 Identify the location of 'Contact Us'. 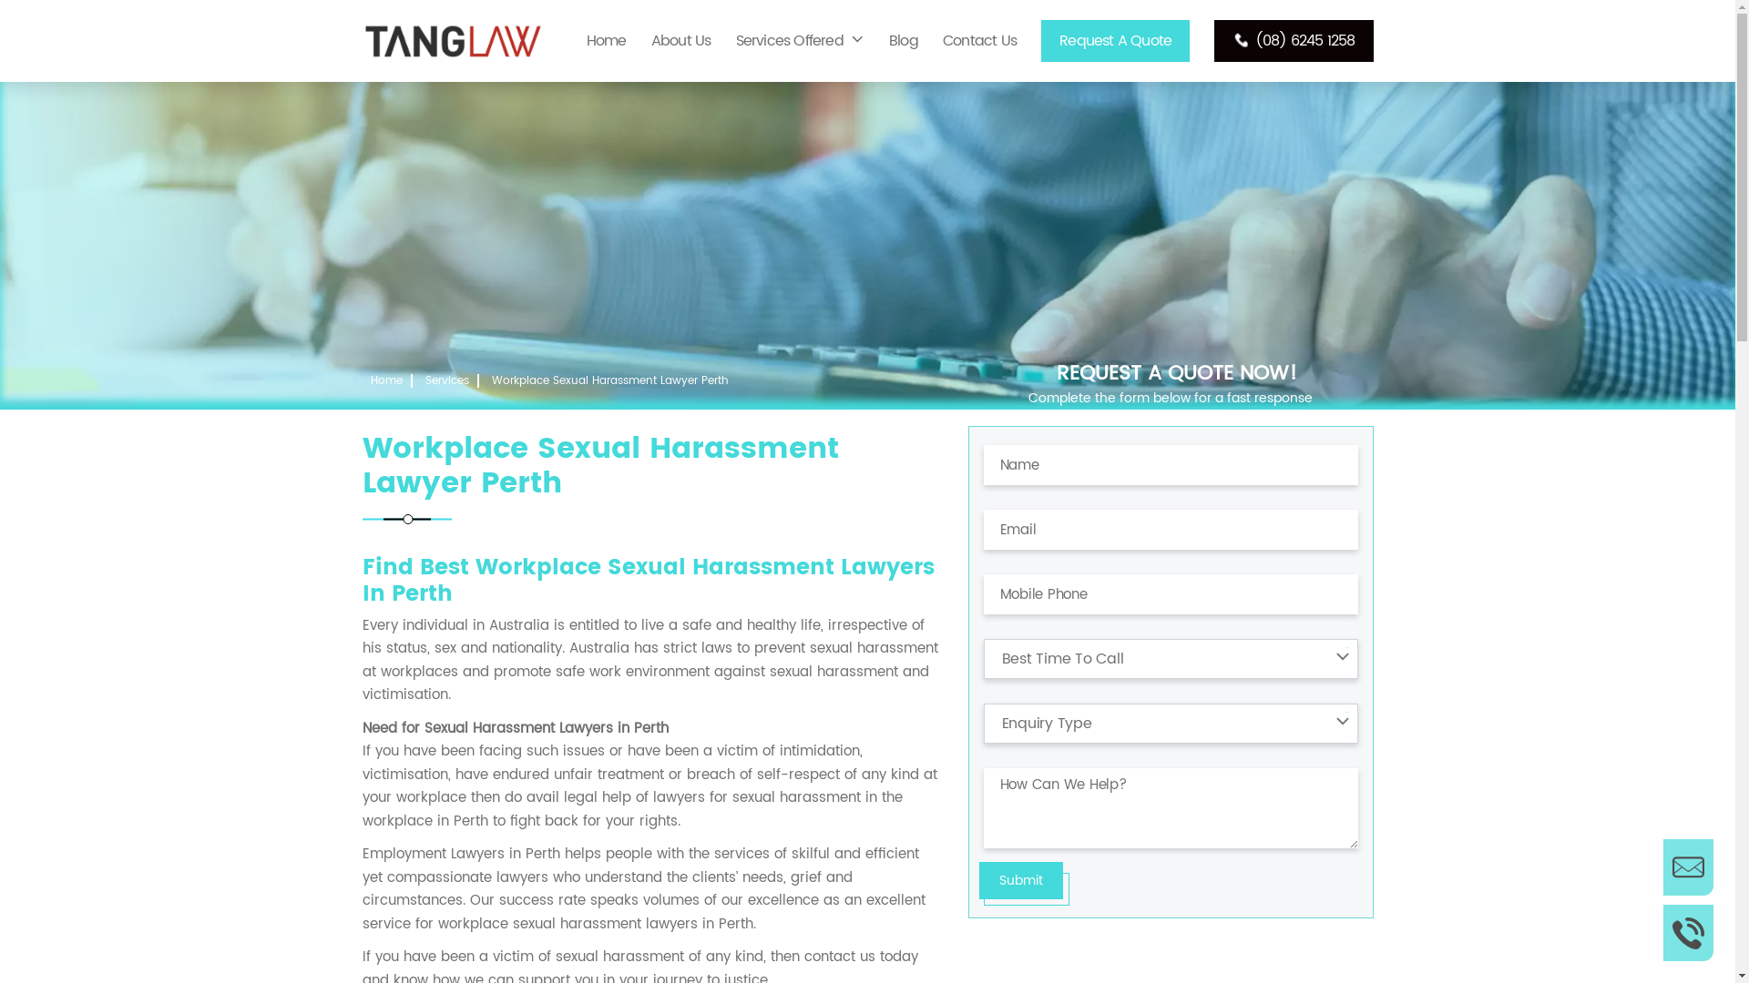
(978, 41).